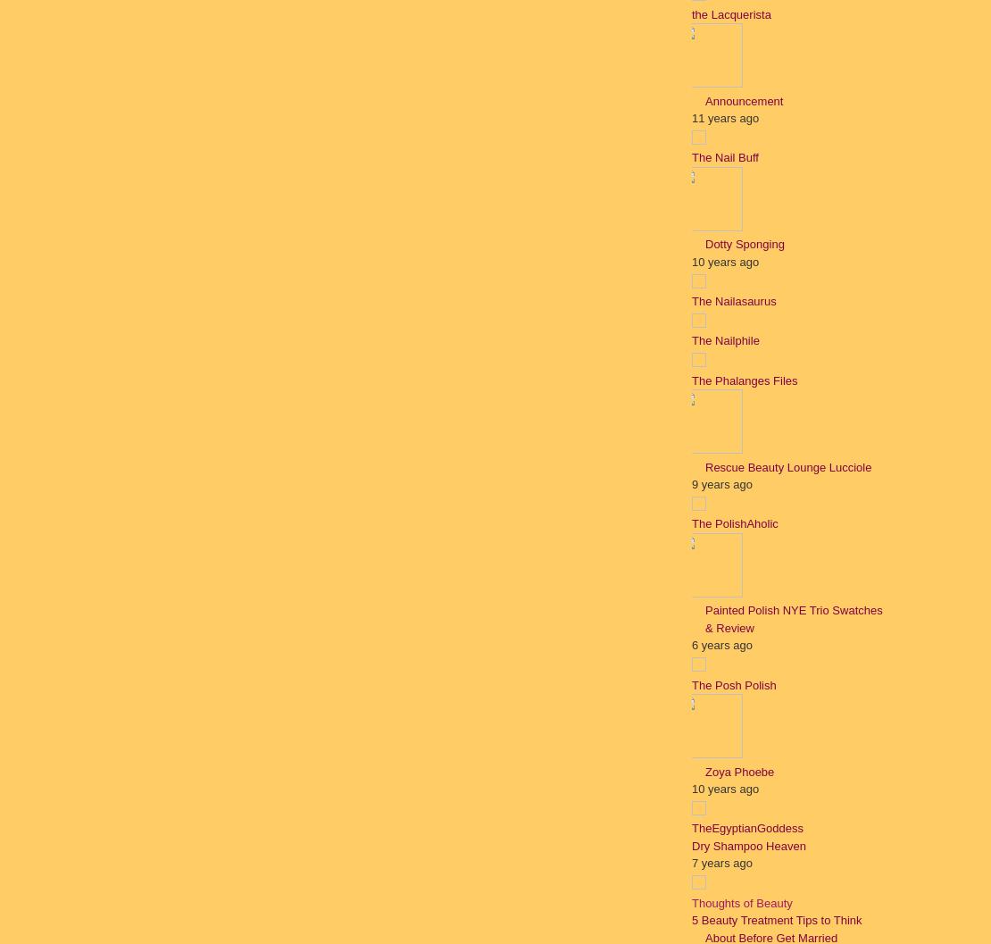 This screenshot has height=944, width=991. I want to click on 'Dry Shampoo Heaven', so click(691, 845).